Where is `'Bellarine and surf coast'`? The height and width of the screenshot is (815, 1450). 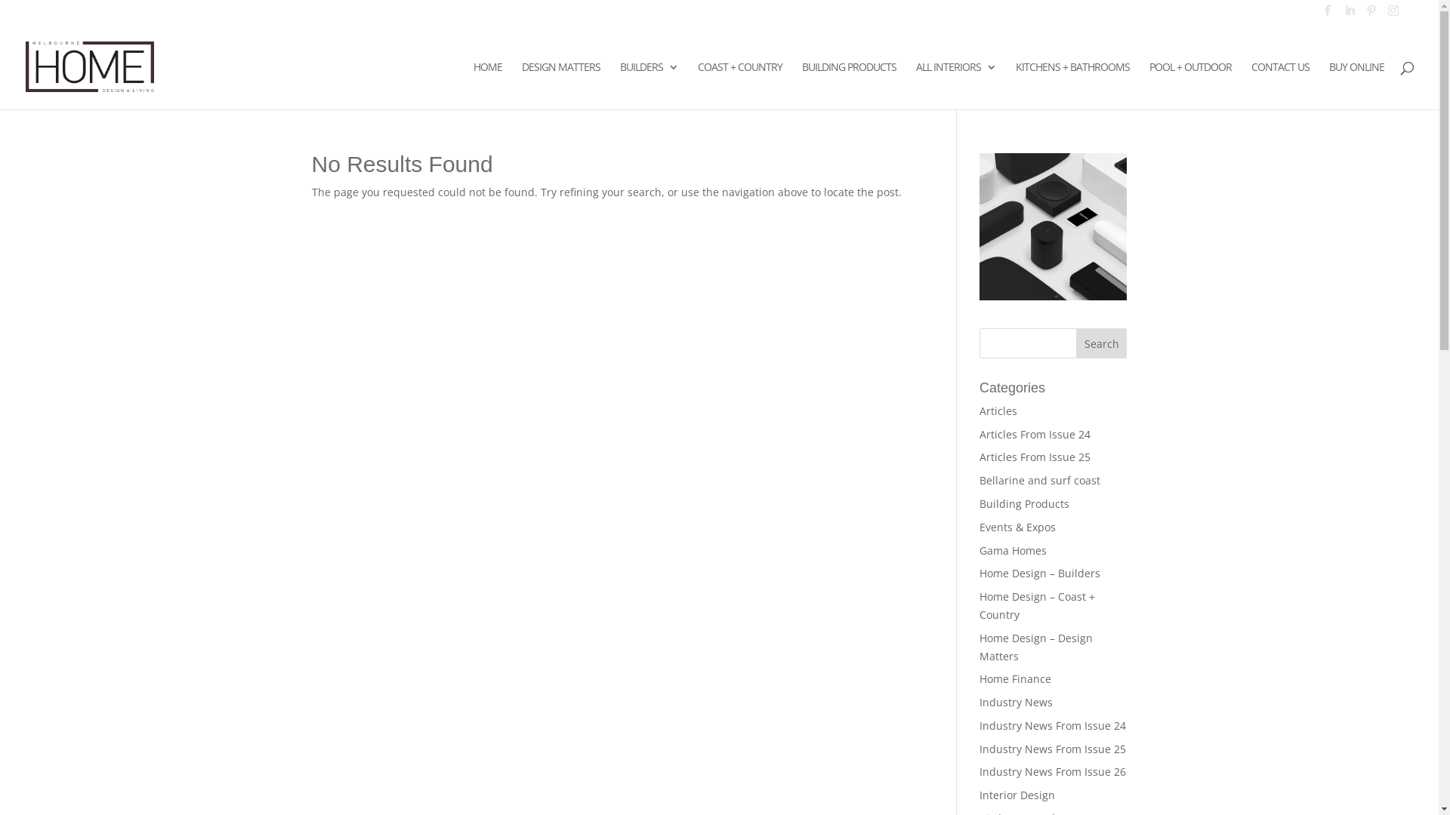 'Bellarine and surf coast' is located at coordinates (1039, 480).